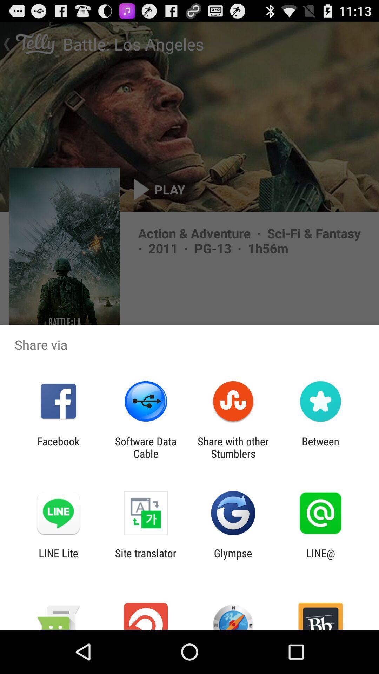 The height and width of the screenshot is (674, 379). Describe the element at coordinates (145, 559) in the screenshot. I see `site translator app` at that location.